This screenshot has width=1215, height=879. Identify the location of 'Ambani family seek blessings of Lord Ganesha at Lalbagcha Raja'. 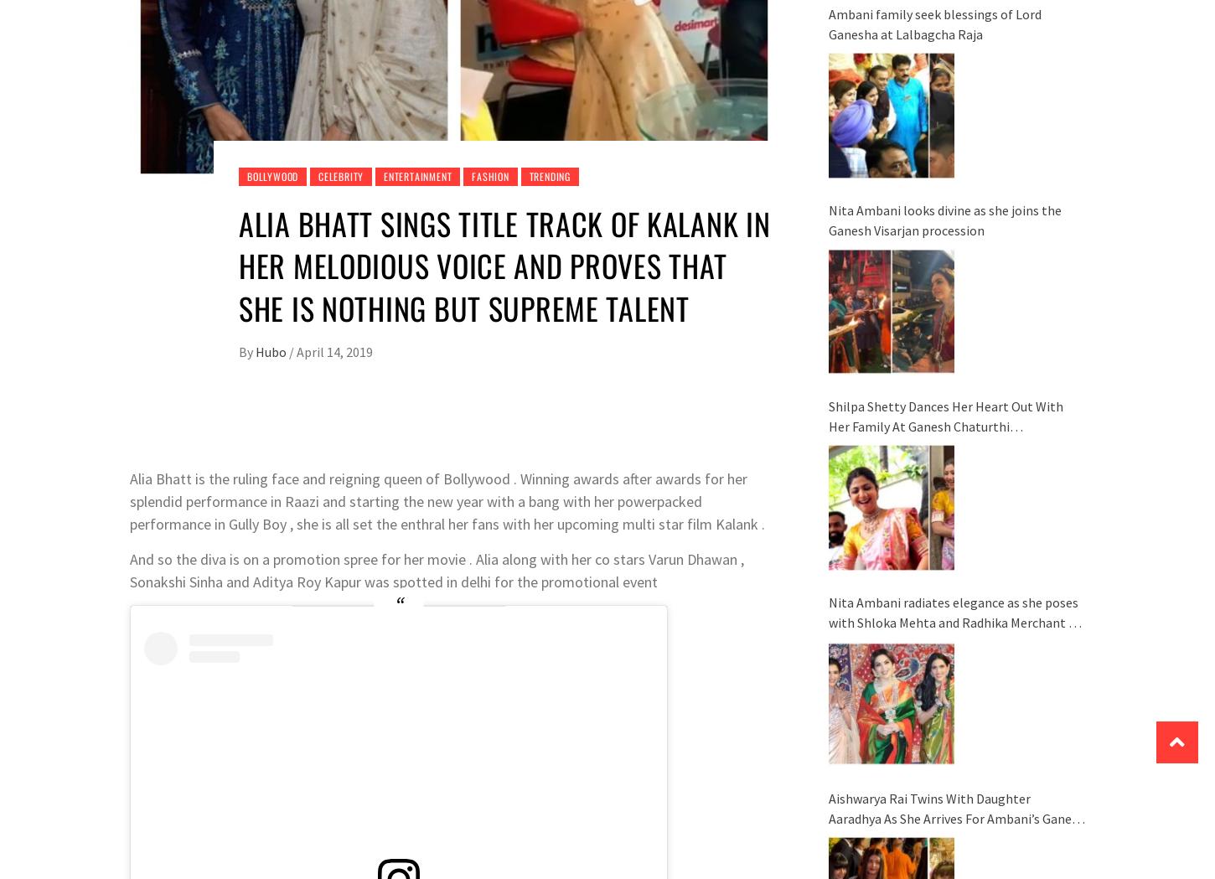
(934, 23).